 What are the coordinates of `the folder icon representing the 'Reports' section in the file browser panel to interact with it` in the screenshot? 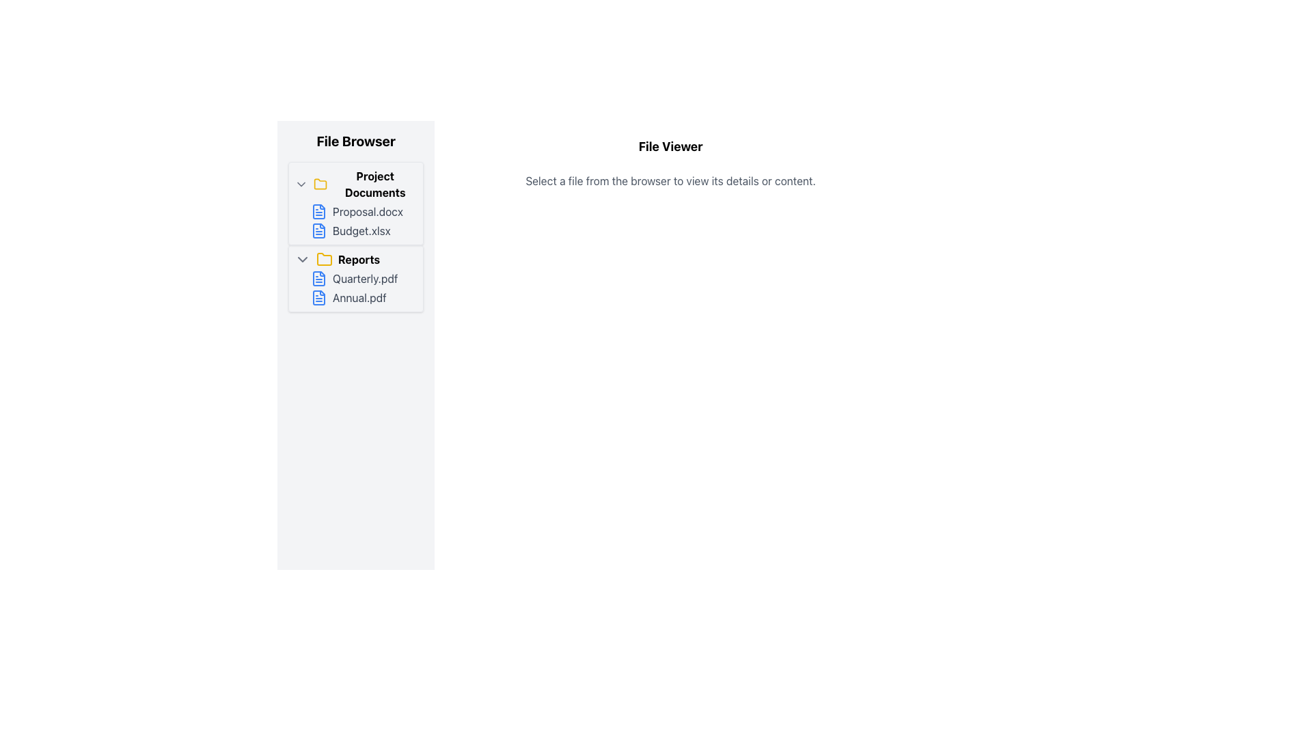 It's located at (324, 258).